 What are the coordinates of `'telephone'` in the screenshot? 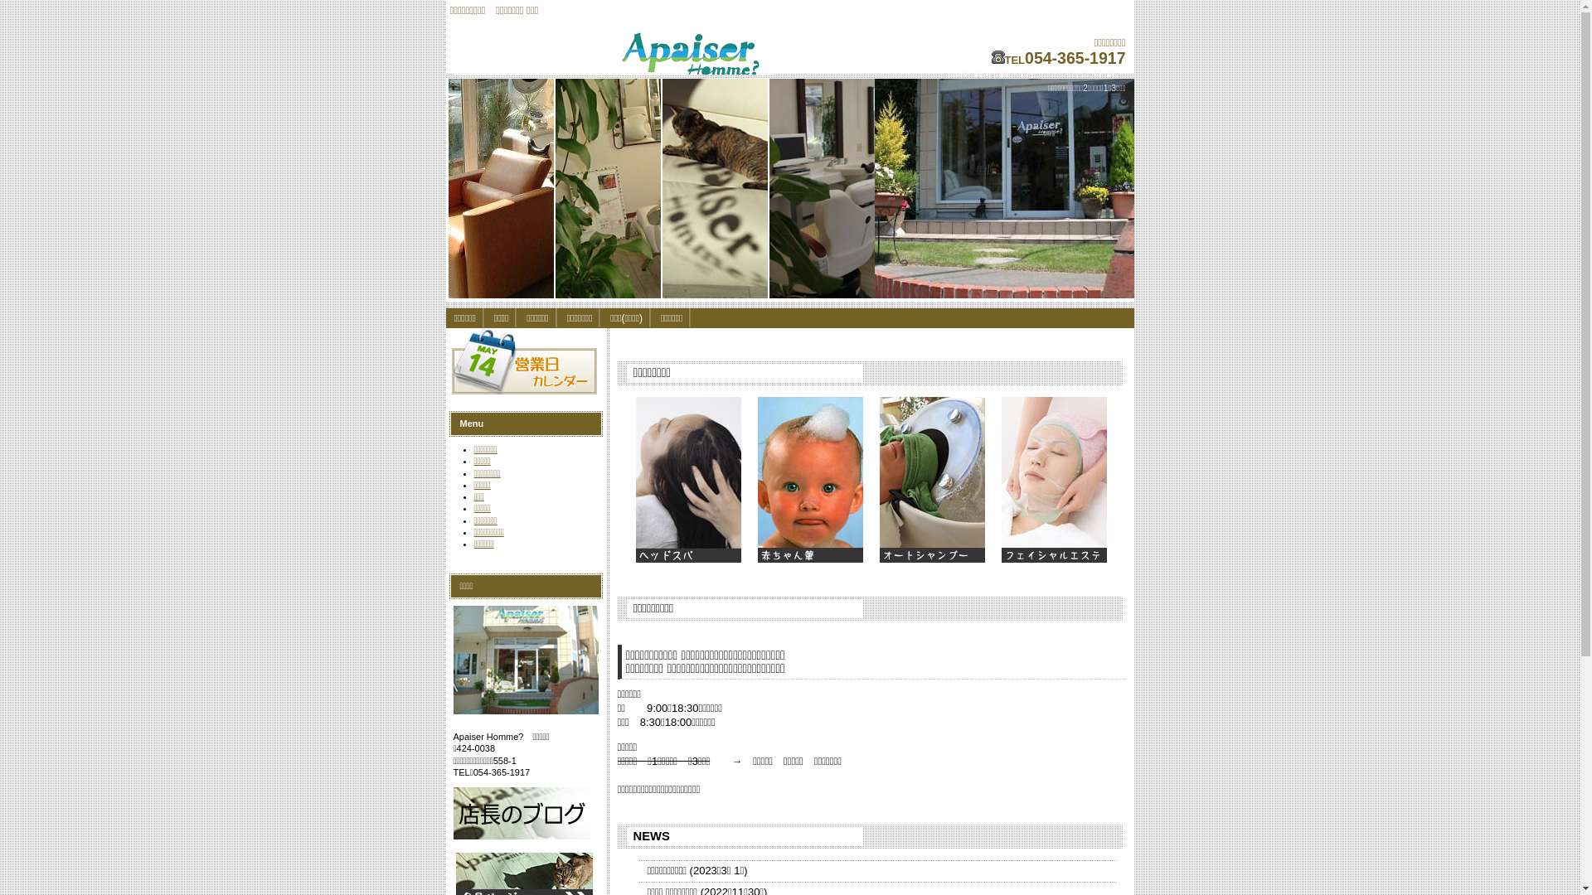 It's located at (991, 56).